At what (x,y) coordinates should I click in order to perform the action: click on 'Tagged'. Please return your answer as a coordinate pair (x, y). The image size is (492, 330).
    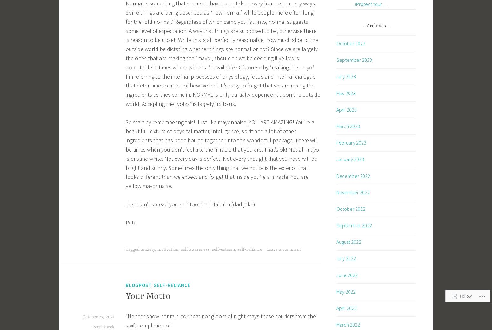
    Looking at the image, I should click on (133, 249).